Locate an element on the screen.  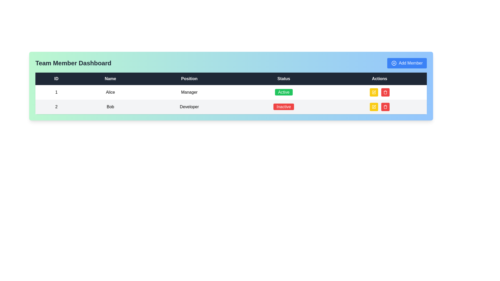
the yellow button with a pen icon in the actions column of the second table row is located at coordinates (373, 92).